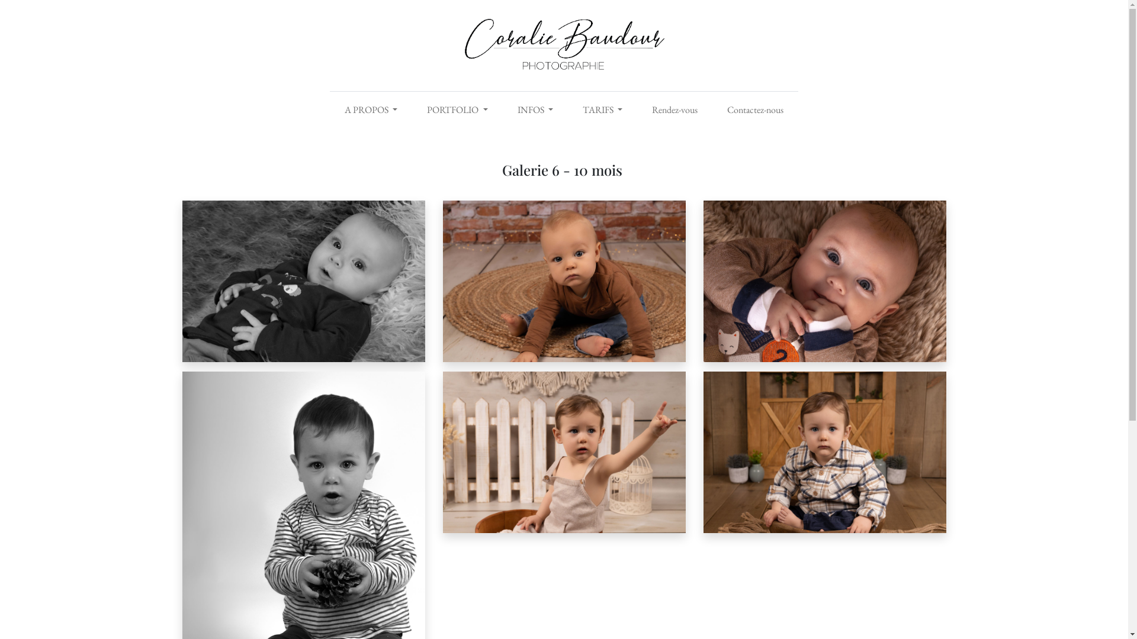 The width and height of the screenshot is (1137, 639). What do you see at coordinates (754, 109) in the screenshot?
I see `'Contactez-nous'` at bounding box center [754, 109].